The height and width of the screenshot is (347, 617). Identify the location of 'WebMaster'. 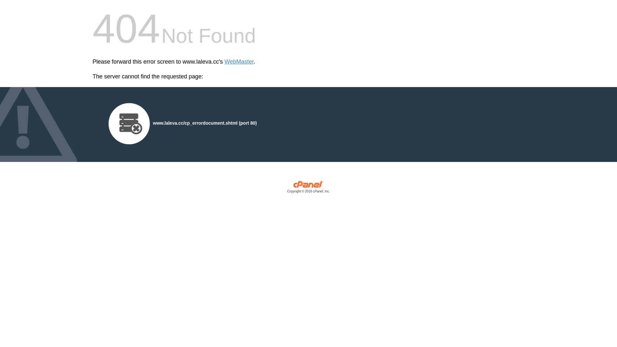
(239, 62).